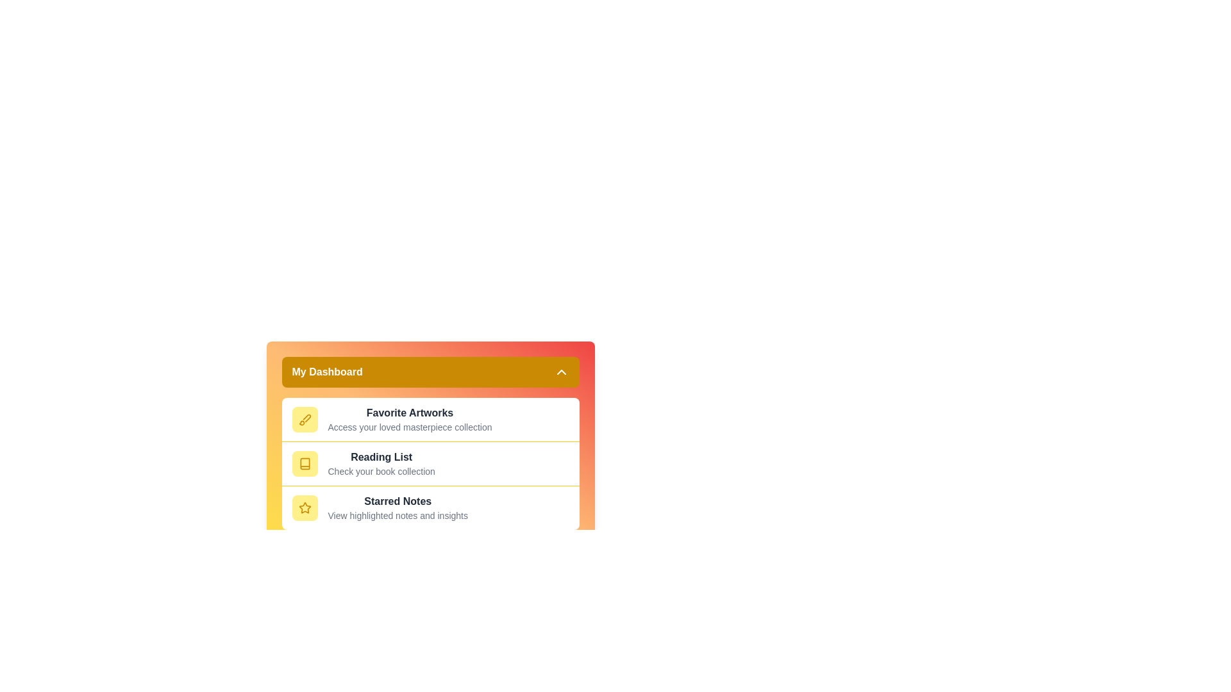 The width and height of the screenshot is (1231, 692). What do you see at coordinates (430, 420) in the screenshot?
I see `the first list item under 'My Dashboard'` at bounding box center [430, 420].